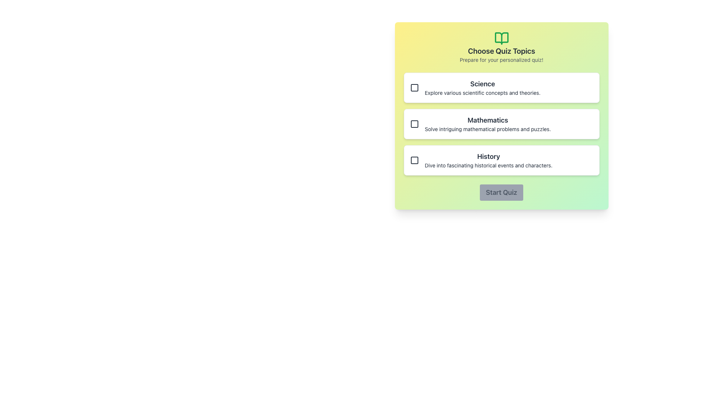 This screenshot has width=712, height=400. What do you see at coordinates (501, 47) in the screenshot?
I see `the header section titled 'Choose Quiz Topics' which includes the subtitle 'Prepare for your personalized quiz!' and is positioned above the interactive topic sections` at bounding box center [501, 47].